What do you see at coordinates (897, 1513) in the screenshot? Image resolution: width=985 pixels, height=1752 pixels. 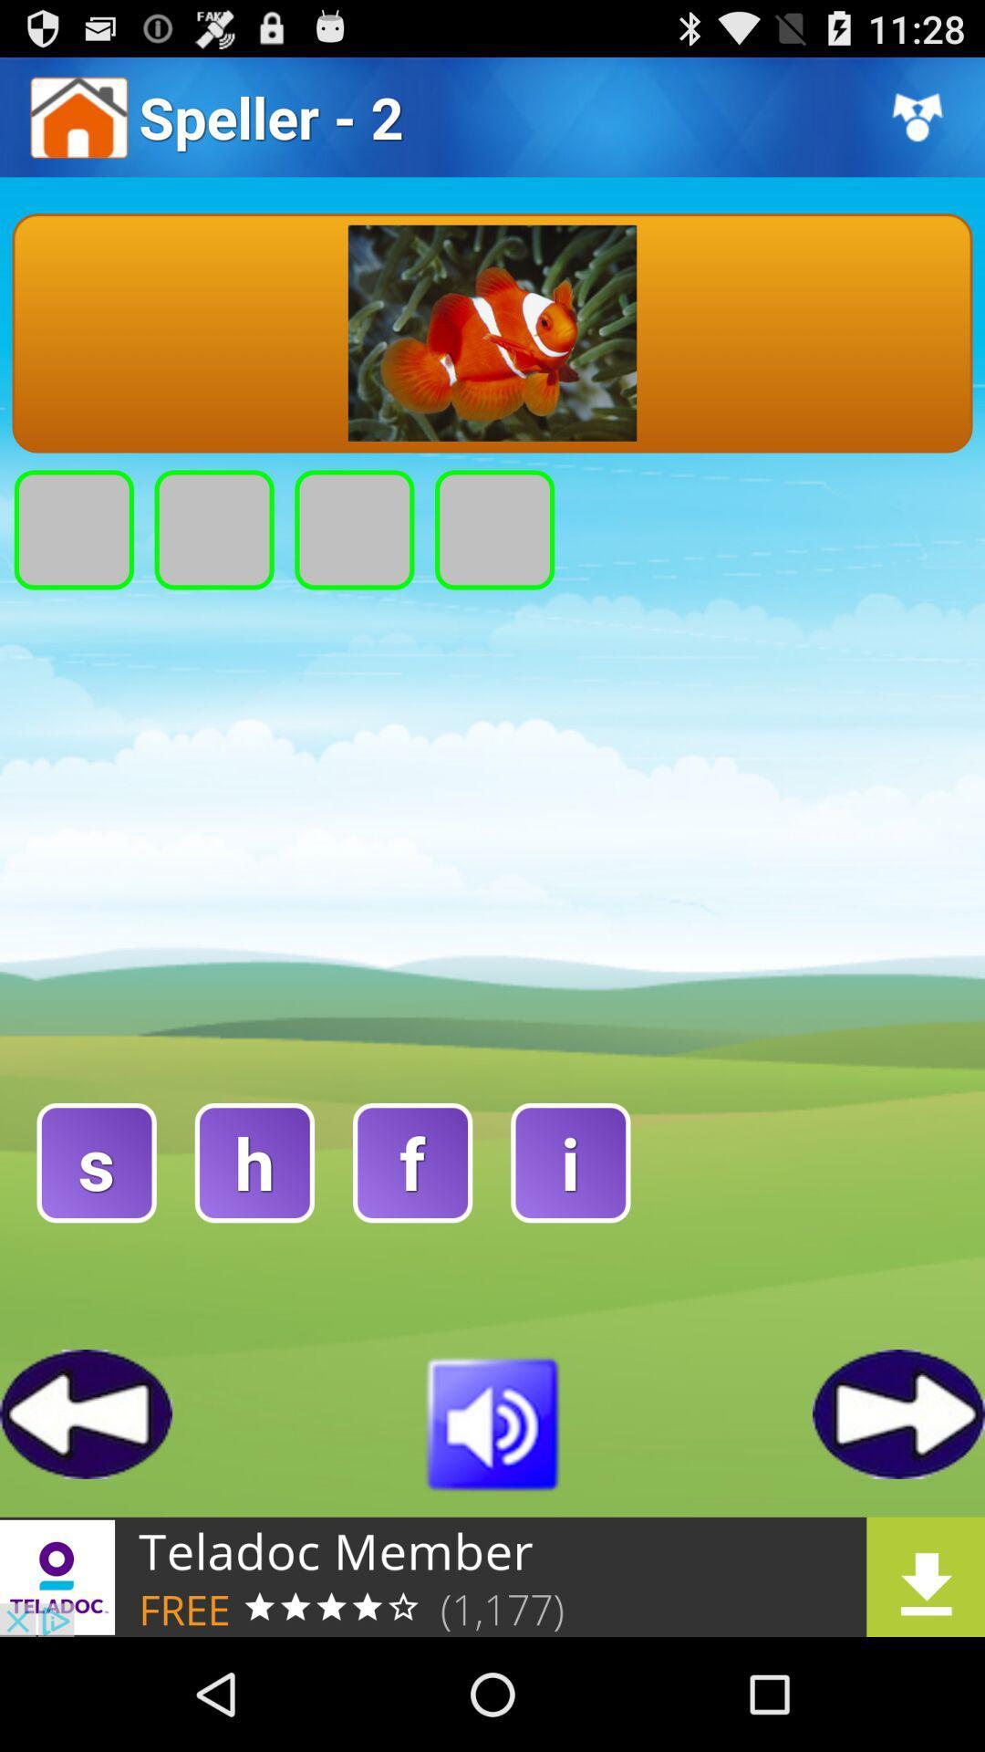 I see `the arrow_forward icon` at bounding box center [897, 1513].